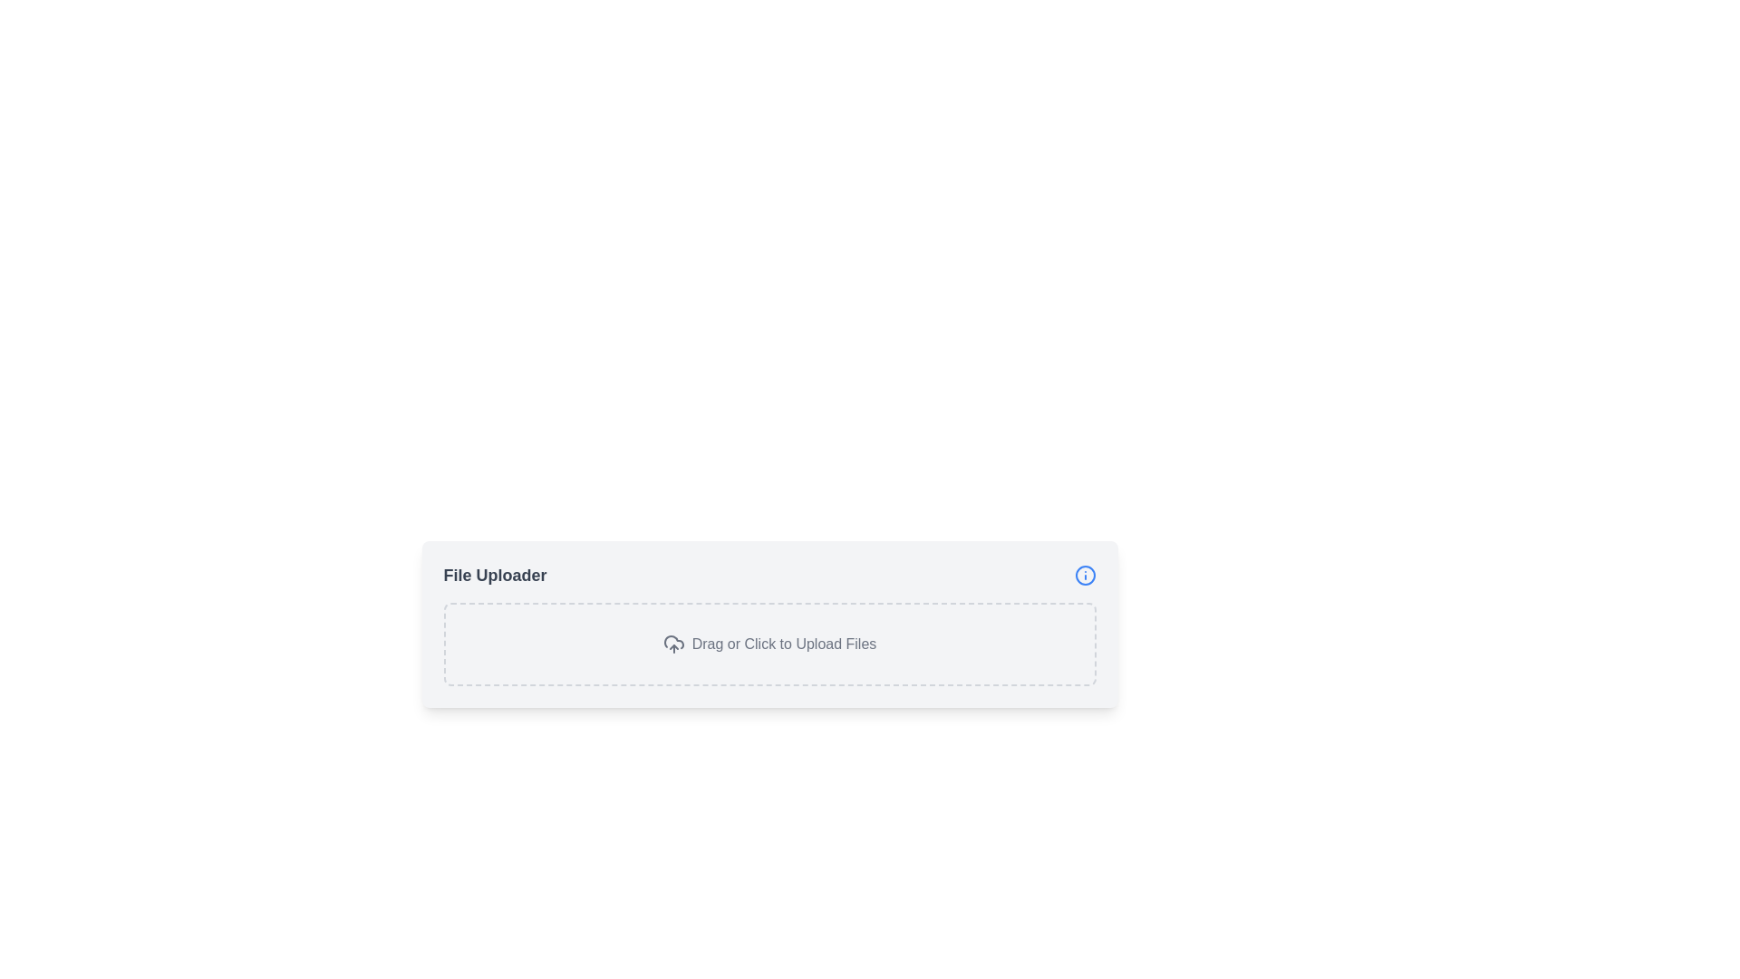 This screenshot has height=979, width=1740. I want to click on the upload icon located to the left of the 'Drag or Click to Upload Files' text within the file uploader UI component, so click(672, 643).